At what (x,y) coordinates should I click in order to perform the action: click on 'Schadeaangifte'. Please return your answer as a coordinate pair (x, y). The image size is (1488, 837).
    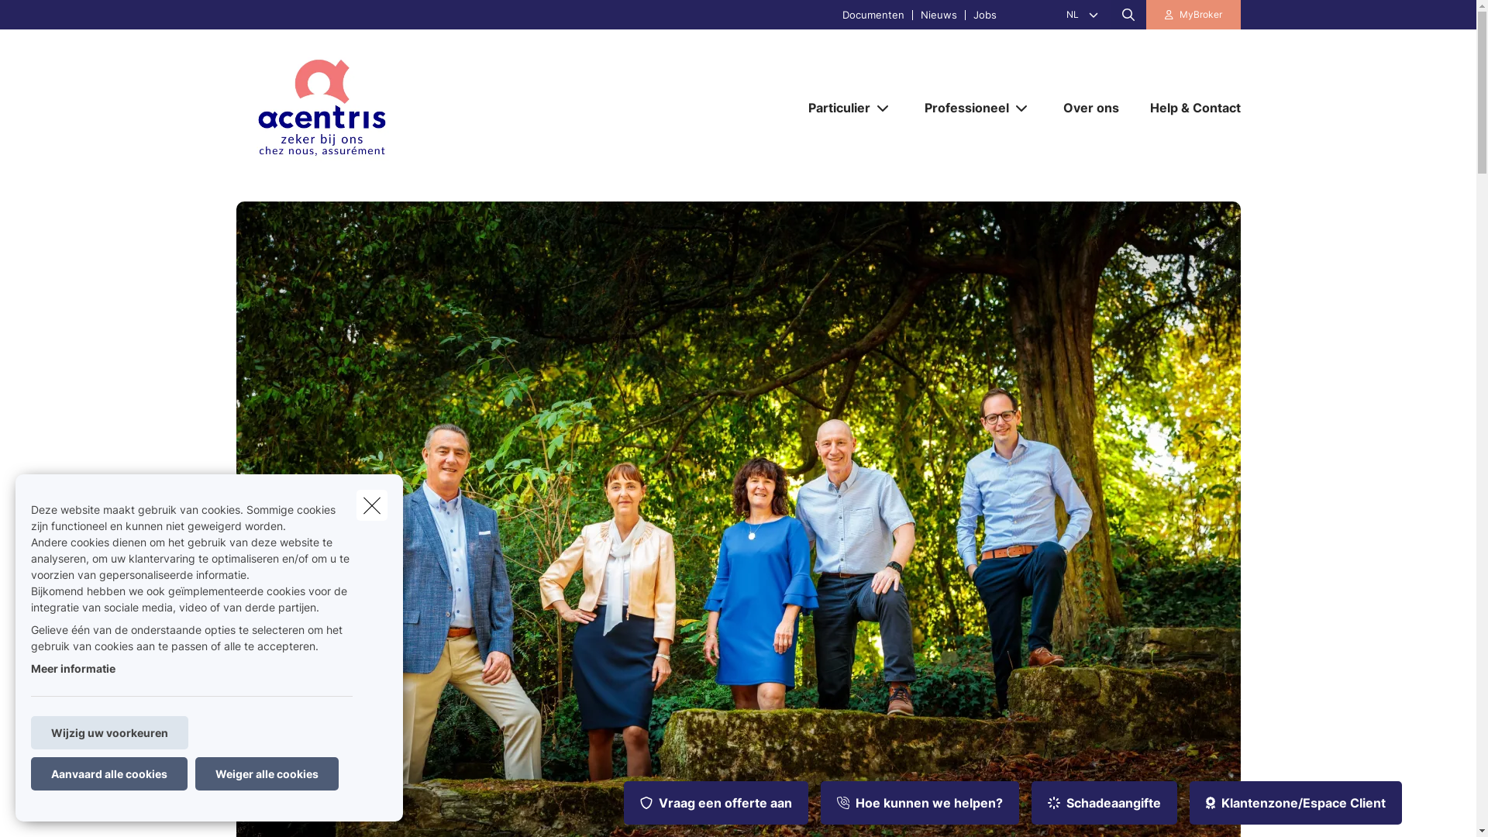
    Looking at the image, I should click on (1104, 802).